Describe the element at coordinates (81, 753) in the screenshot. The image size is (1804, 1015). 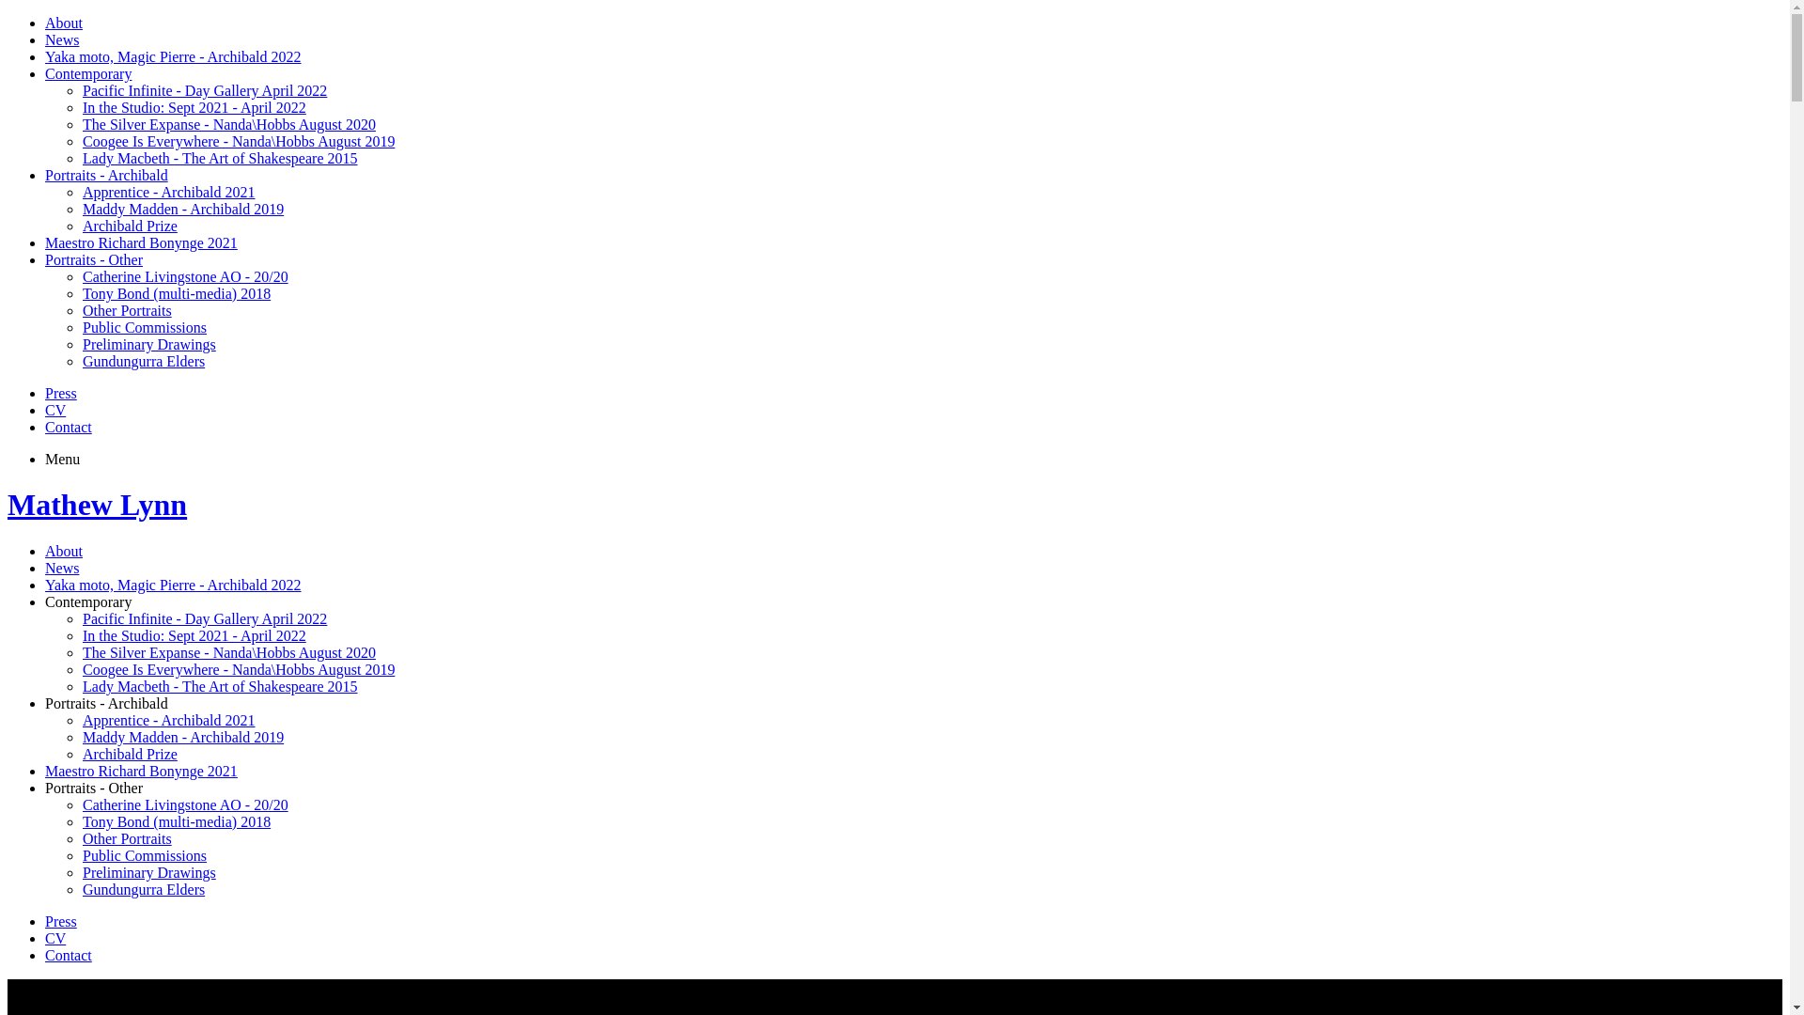
I see `'Archibald Prize'` at that location.